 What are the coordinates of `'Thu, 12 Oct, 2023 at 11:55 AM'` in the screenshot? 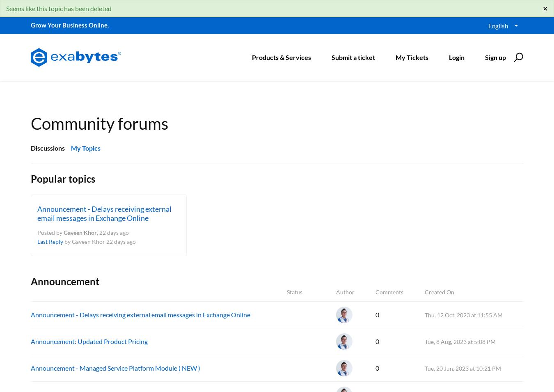 It's located at (425, 314).